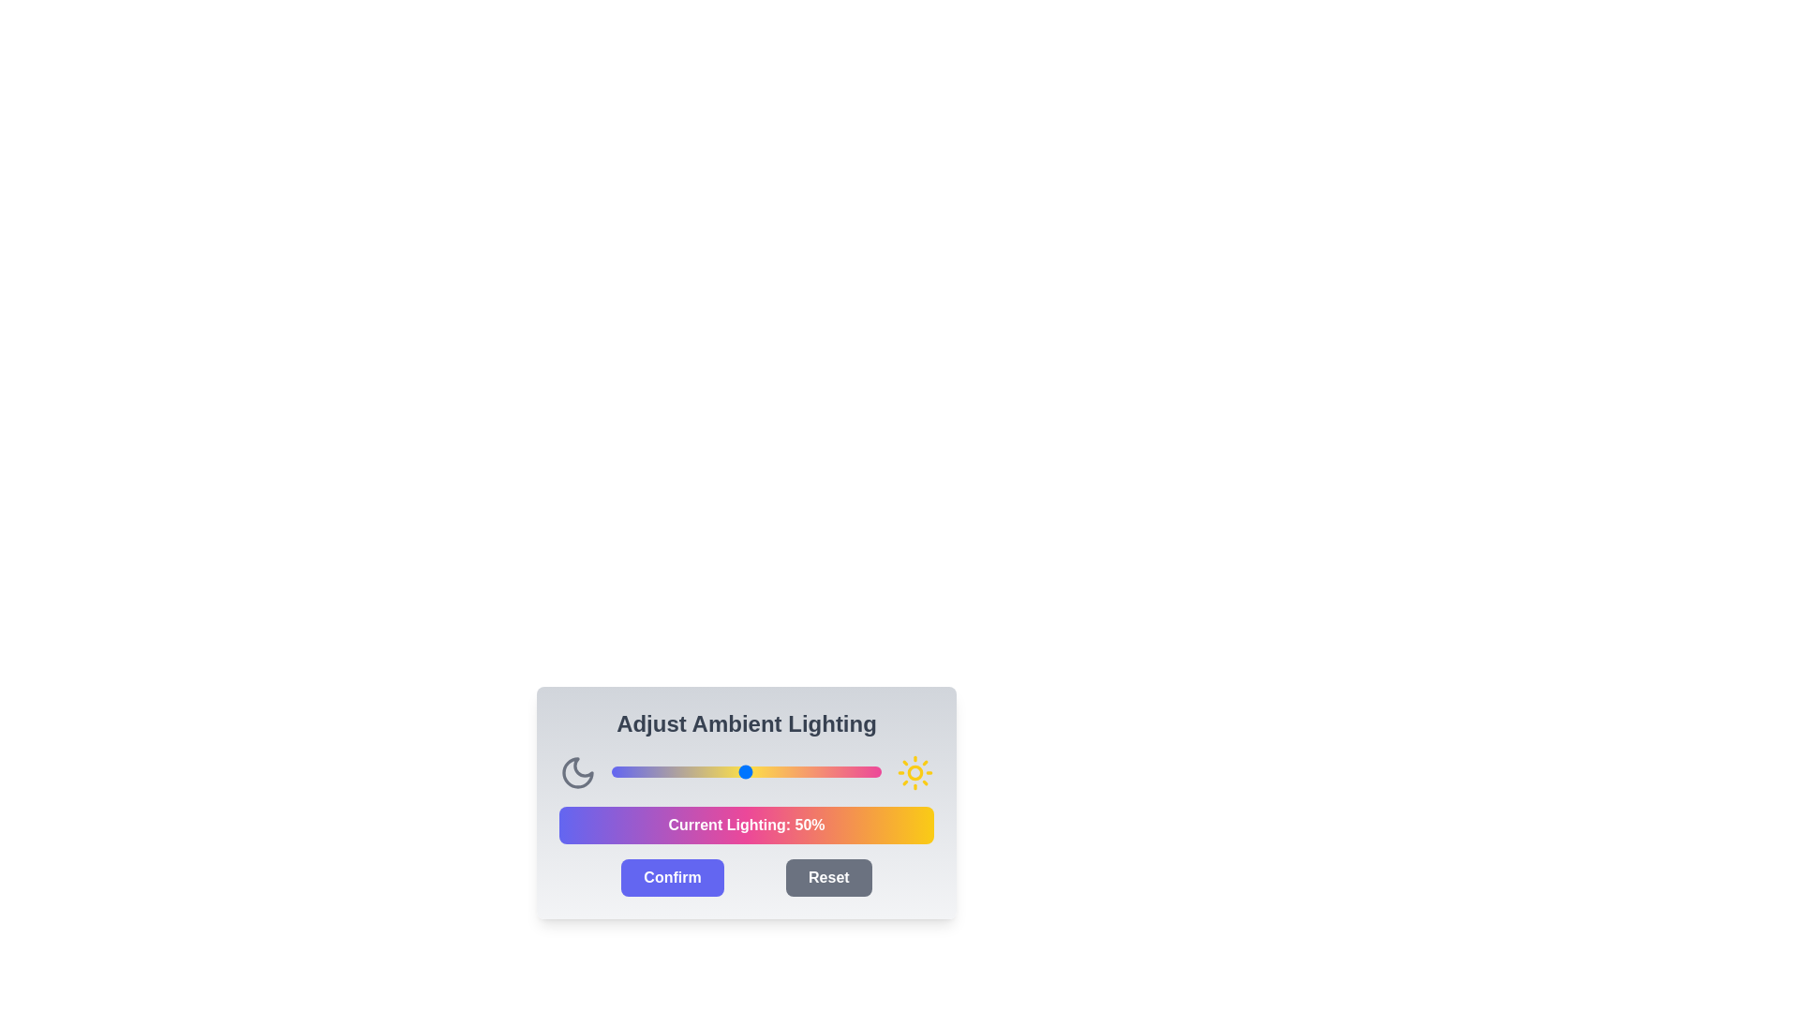 The width and height of the screenshot is (1799, 1012). I want to click on the light intensity slider to 98%, so click(875, 772).